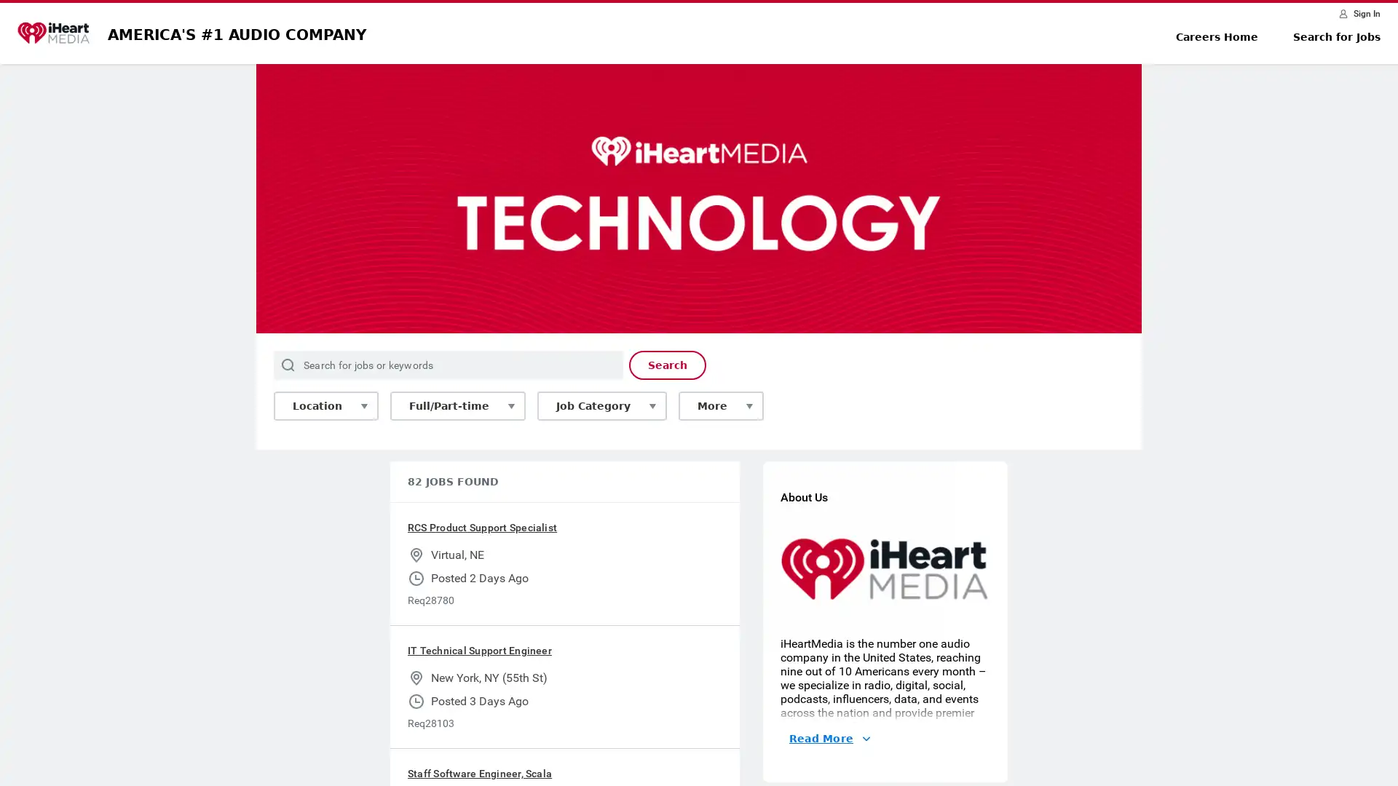 The width and height of the screenshot is (1398, 786). Describe the element at coordinates (572, 406) in the screenshot. I see `Job Category` at that location.